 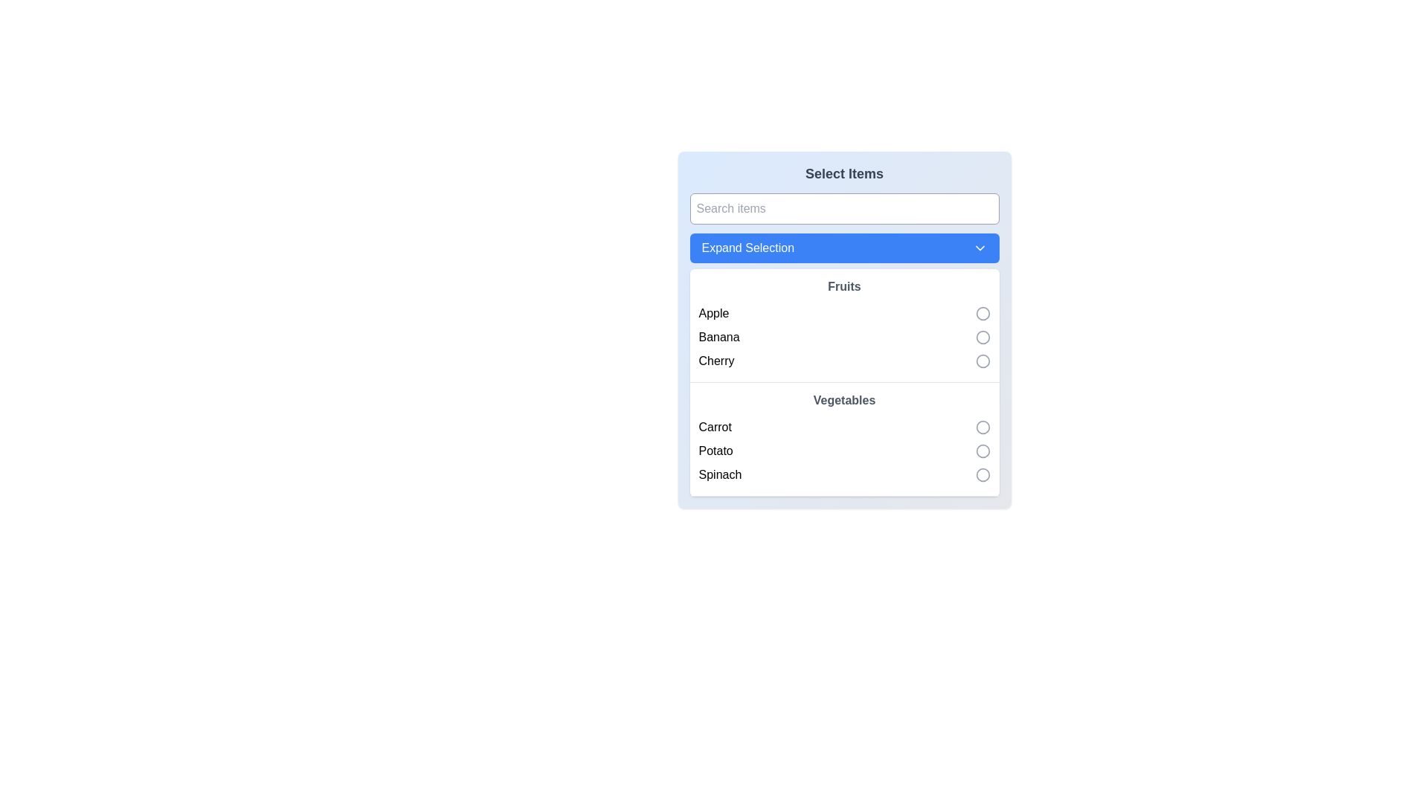 What do you see at coordinates (982, 475) in the screenshot?
I see `the circular part of the checkbox styled as a radio button for the 'Spinach' option in the last row under the 'Vegetables' header` at bounding box center [982, 475].